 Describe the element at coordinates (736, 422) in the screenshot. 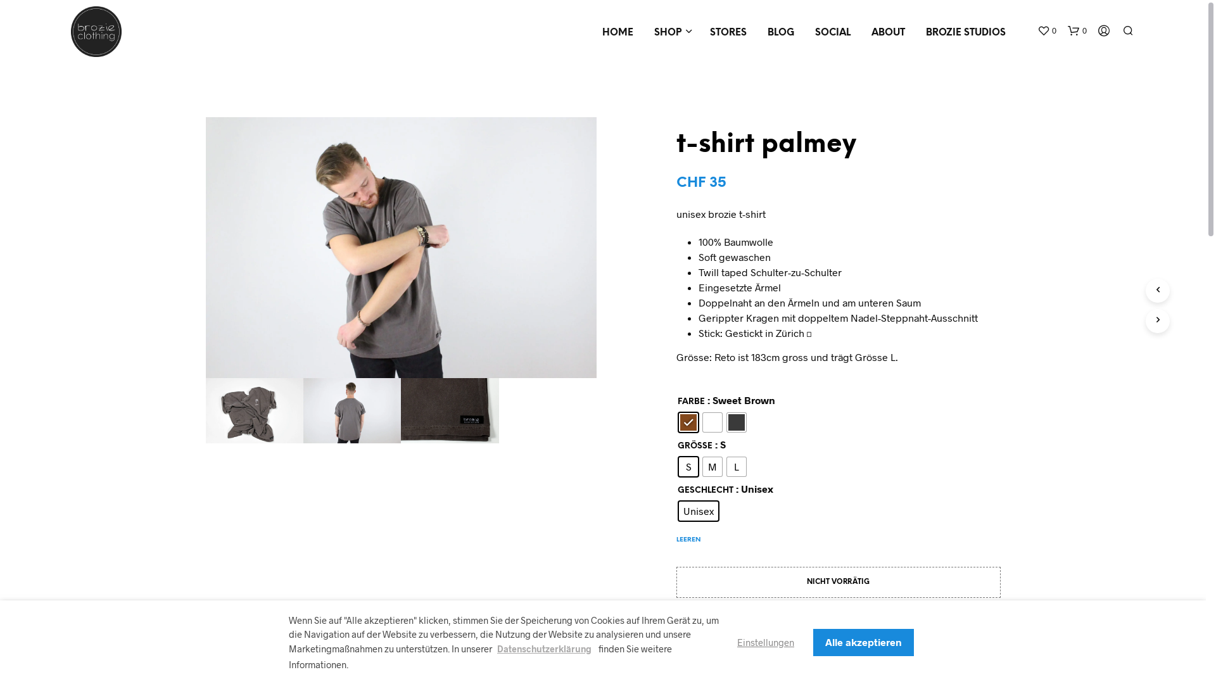

I see `'Pretty Black'` at that location.